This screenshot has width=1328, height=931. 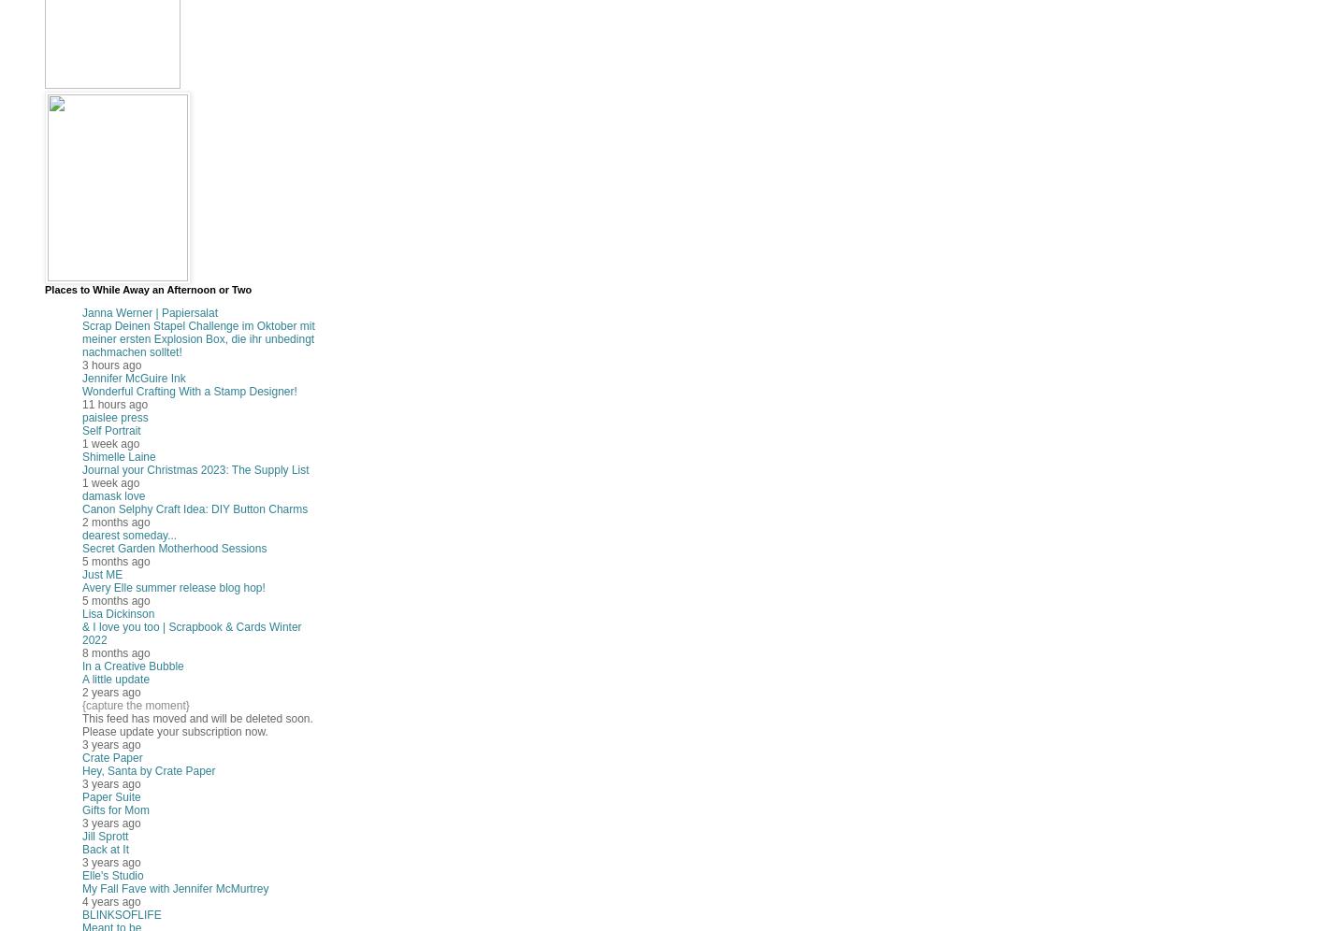 I want to click on 'Shimelle Laine', so click(x=117, y=456).